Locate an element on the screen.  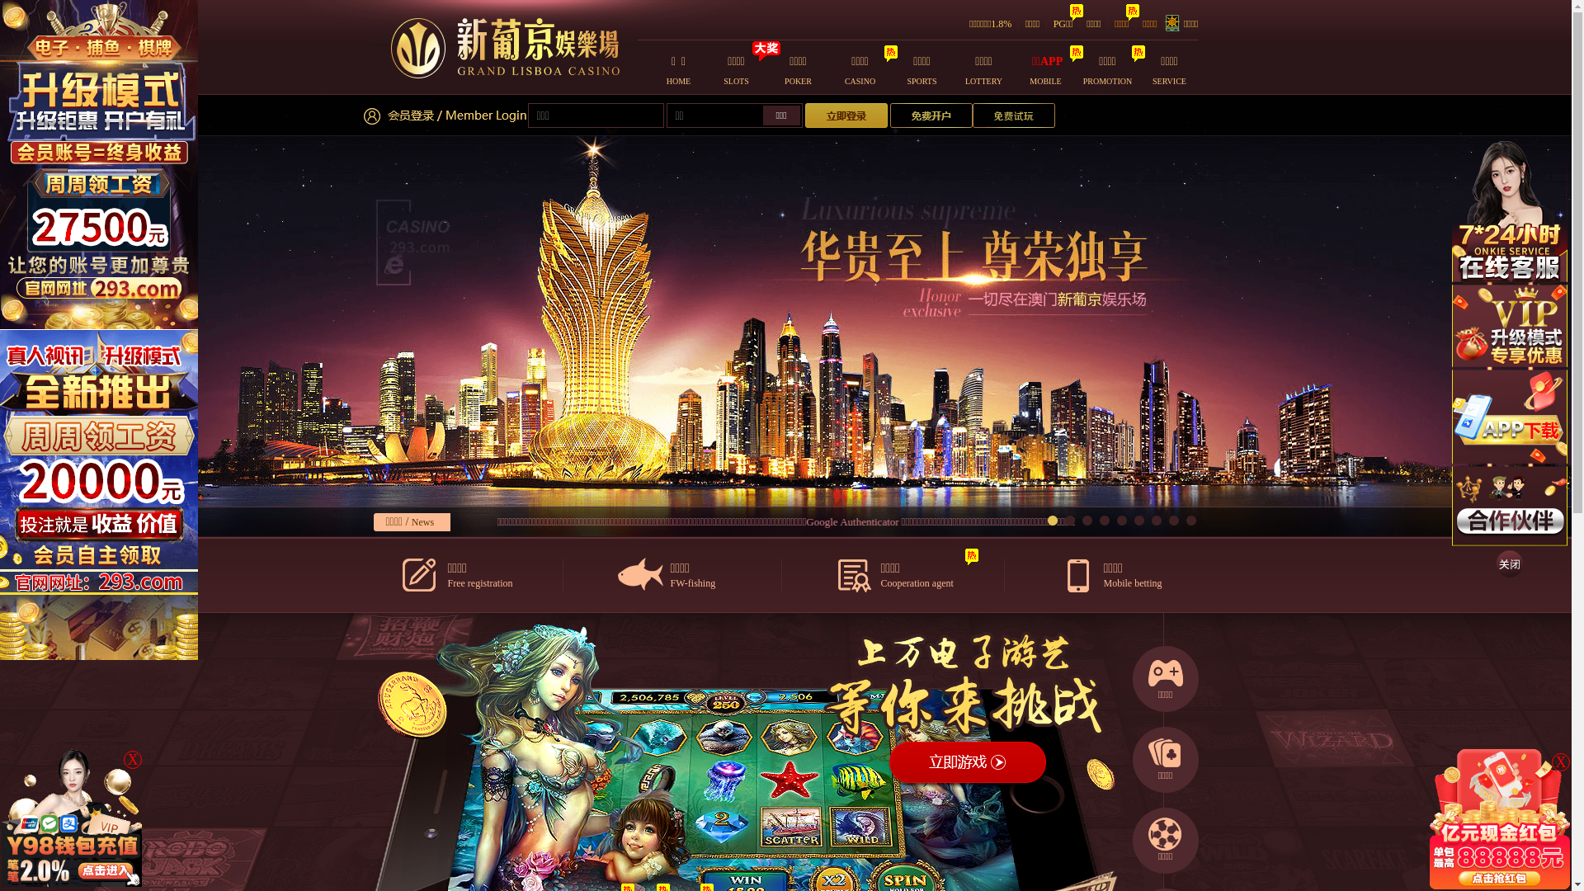
'X' is located at coordinates (1559, 762).